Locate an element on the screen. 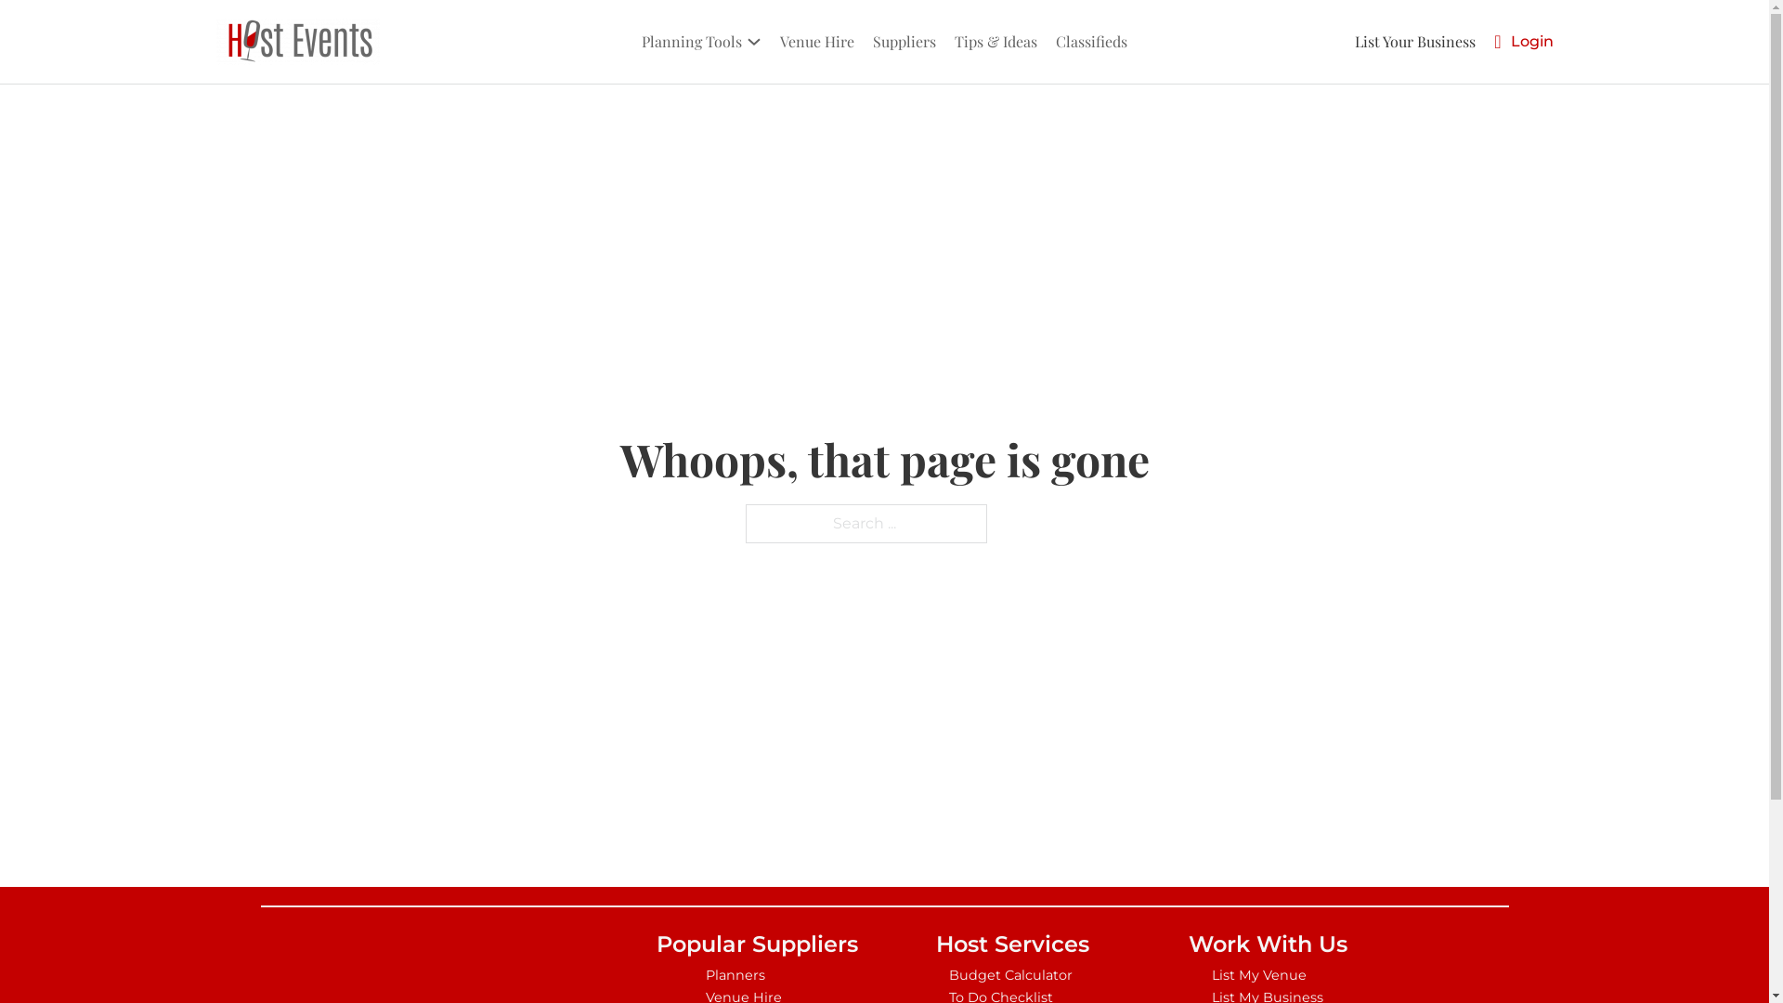 The width and height of the screenshot is (1783, 1003). 'Tips & Ideas' is located at coordinates (995, 41).